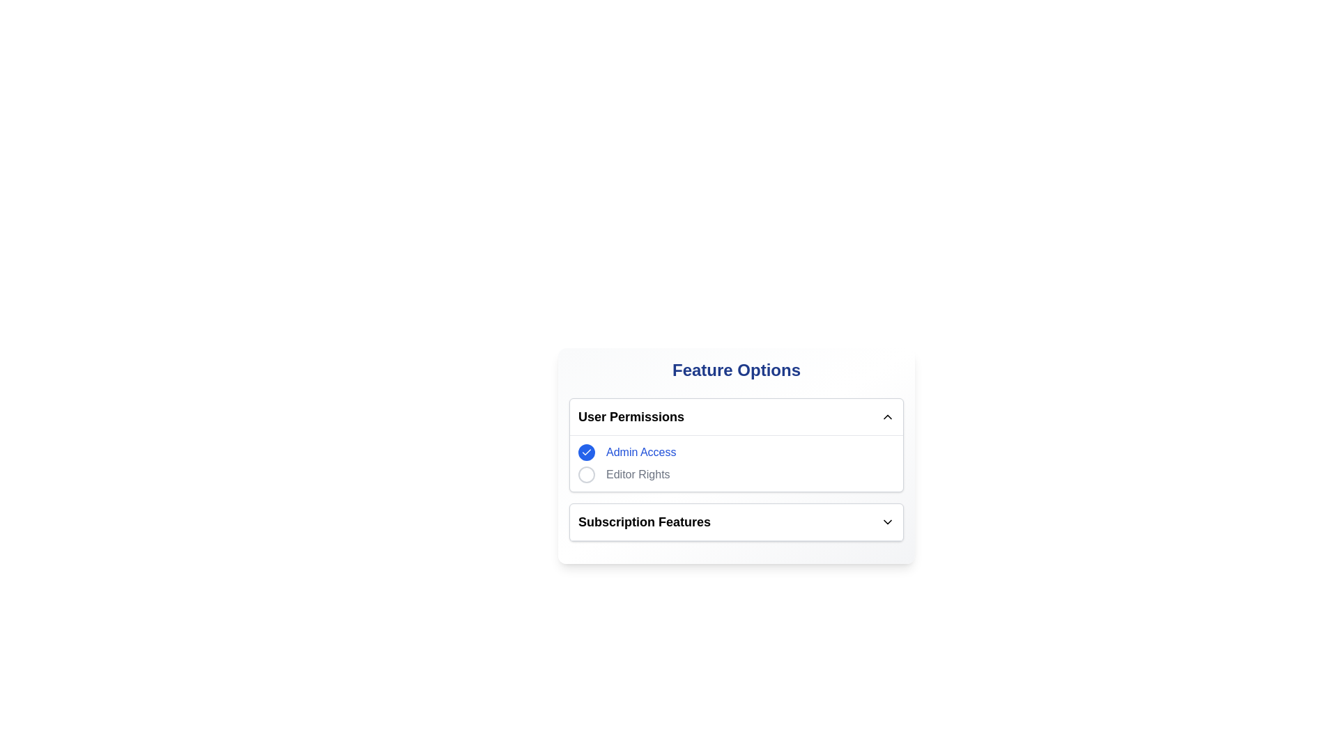 The height and width of the screenshot is (752, 1338). I want to click on the toggle control icon at the far right of the 'User Permissions' section, so click(886, 416).